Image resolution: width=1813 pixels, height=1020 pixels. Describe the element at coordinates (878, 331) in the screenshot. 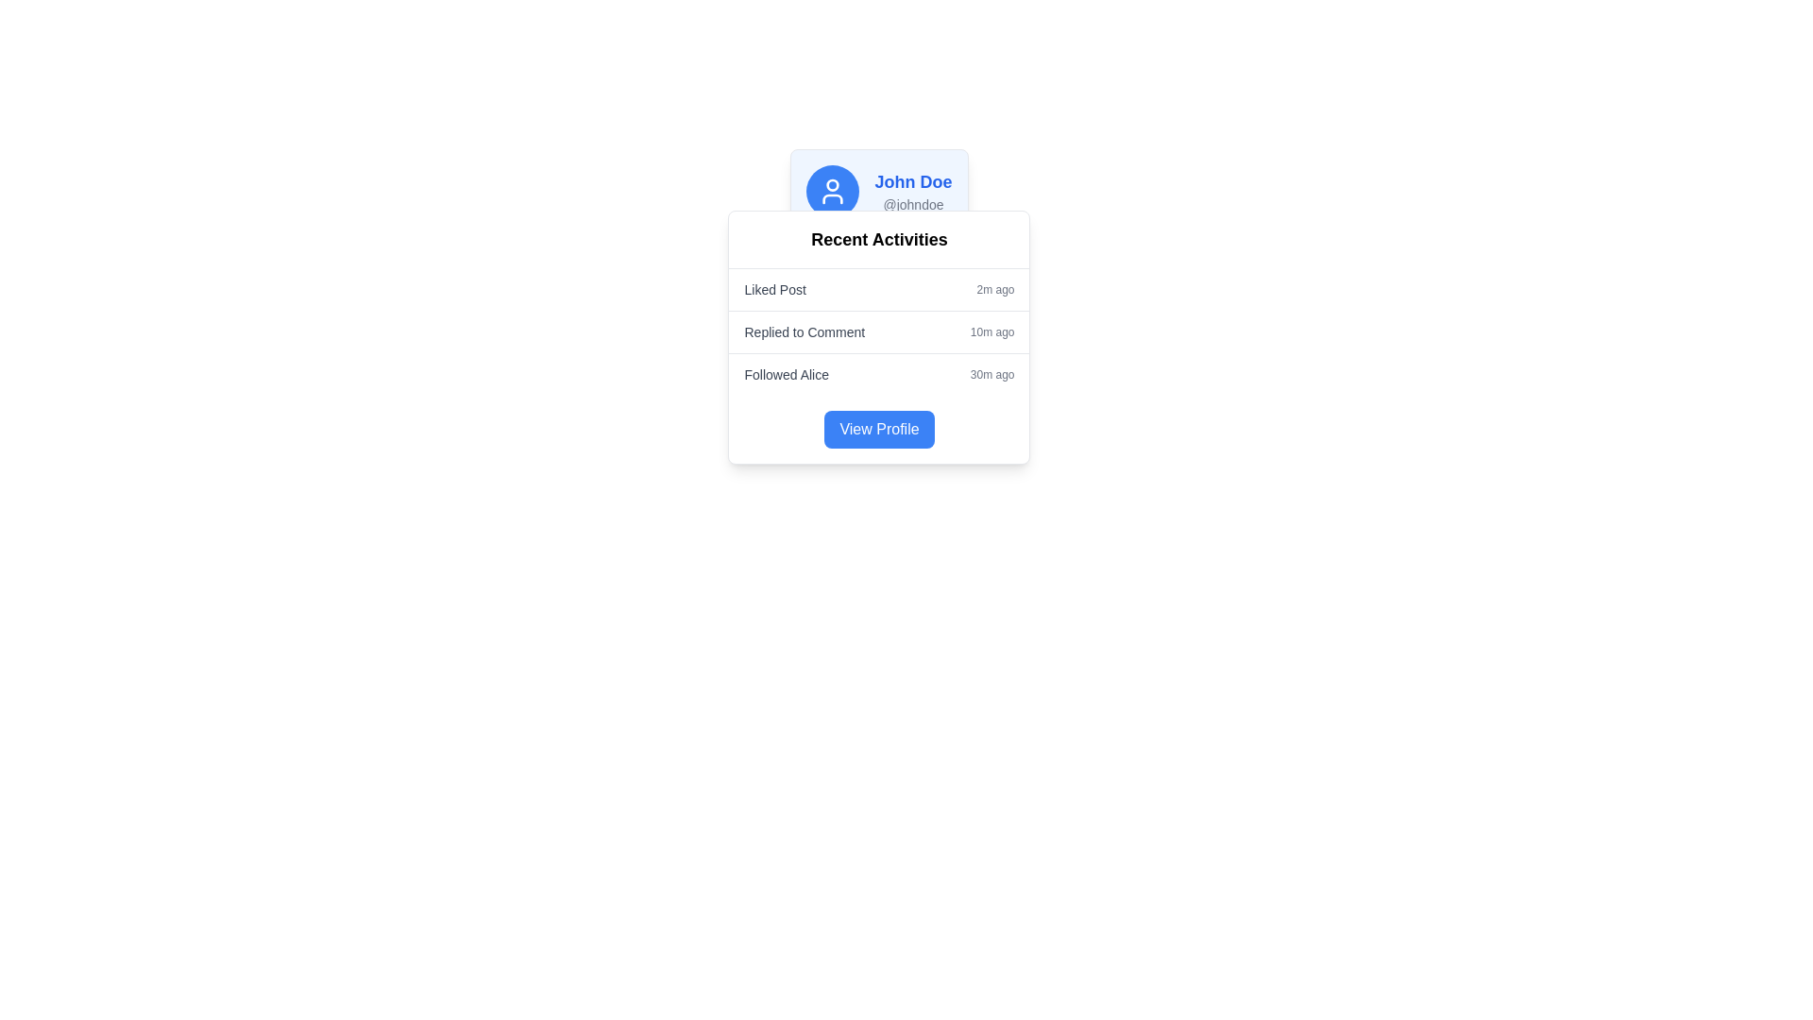

I see `the list item that reads 'Replied to Comment' with a timestamp '10m ago' in the 'Recent Activities' section` at that location.